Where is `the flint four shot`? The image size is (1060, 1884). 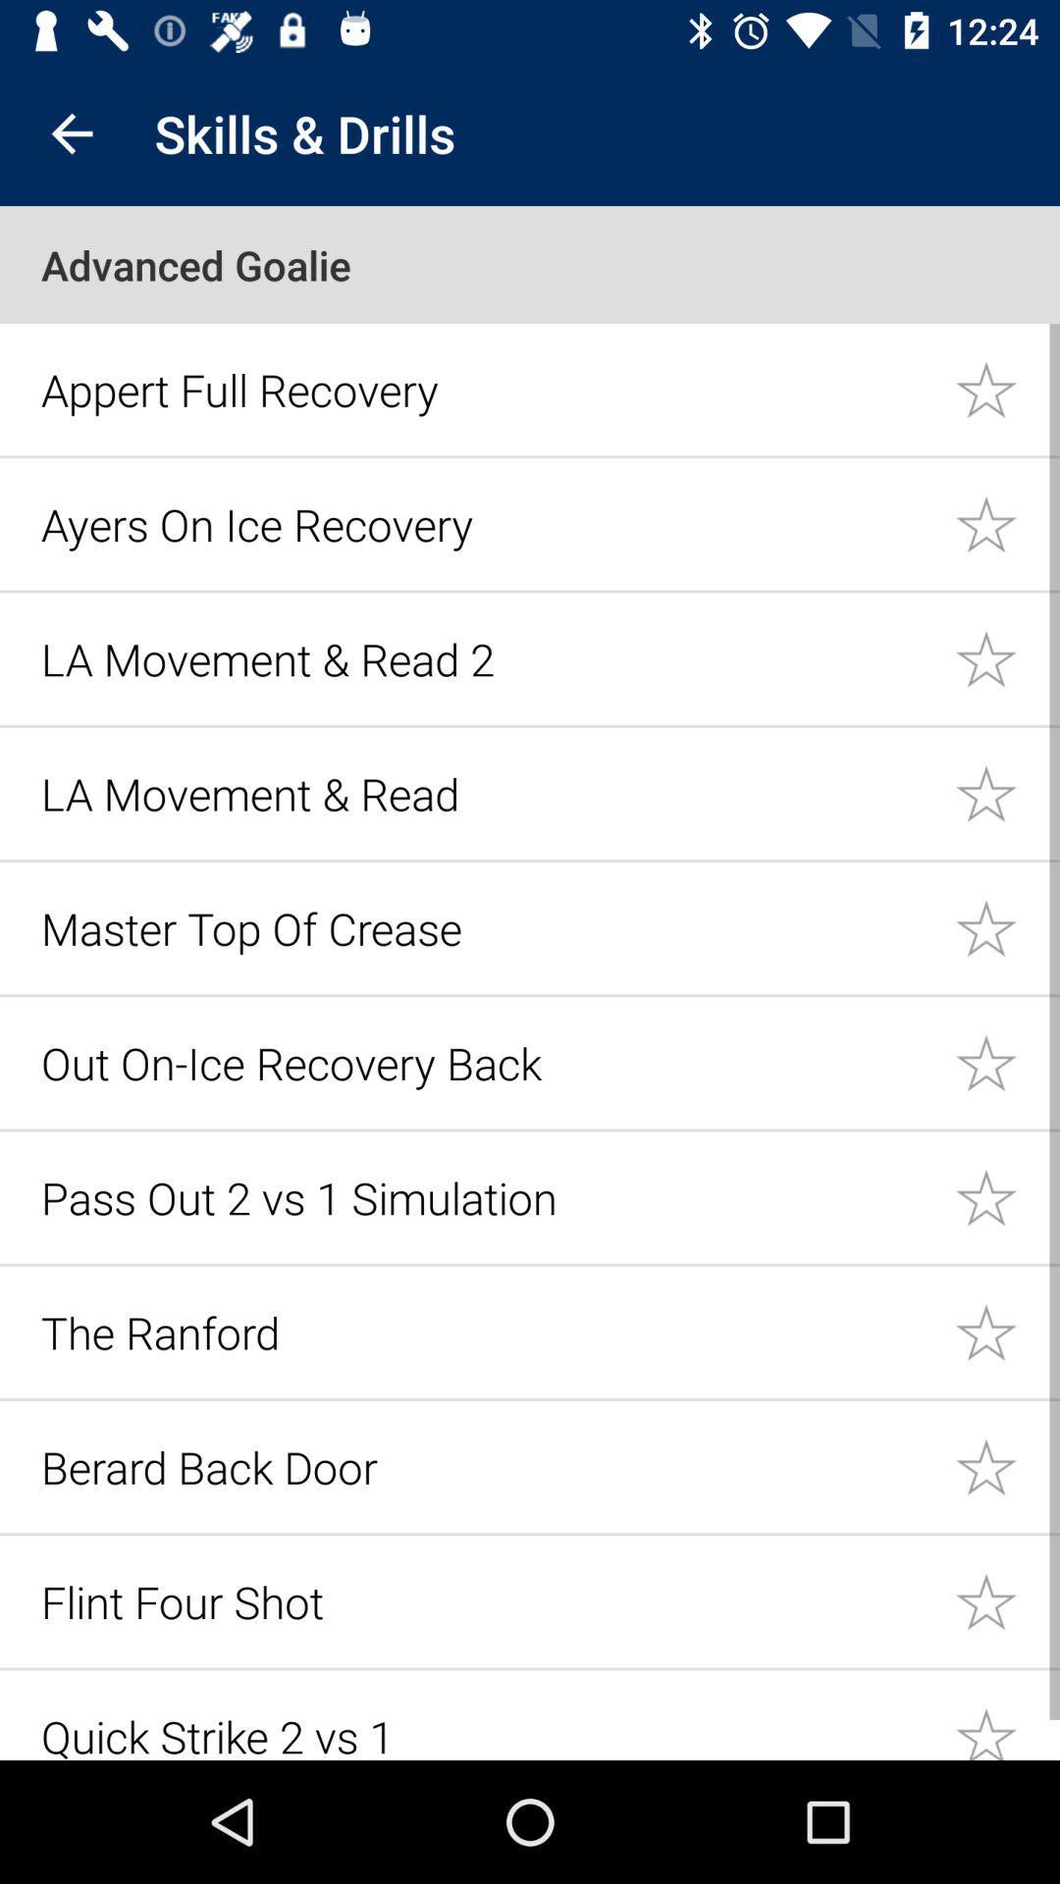
the flint four shot is located at coordinates (486, 1601).